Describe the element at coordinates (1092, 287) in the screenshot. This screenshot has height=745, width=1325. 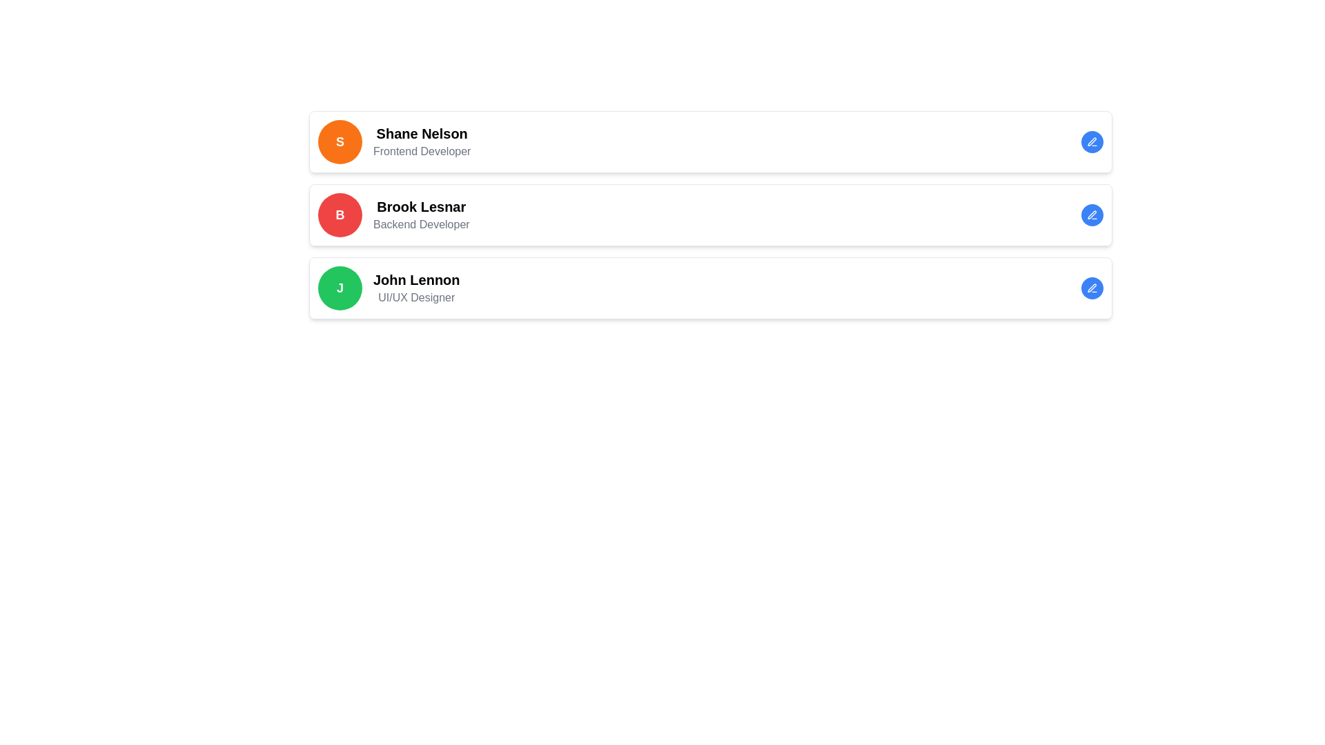
I see `the blue pen icon within the circular button to initiate editing for the user profile of 'John Lennon, UI/UX Designer'` at that location.